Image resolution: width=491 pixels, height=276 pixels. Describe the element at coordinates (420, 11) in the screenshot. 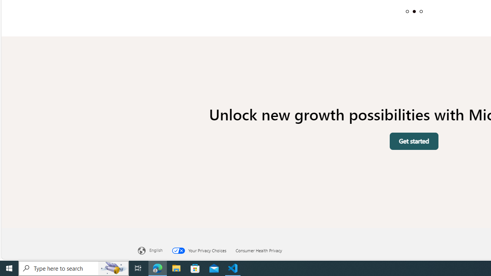

I see `'Slide 3'` at that location.